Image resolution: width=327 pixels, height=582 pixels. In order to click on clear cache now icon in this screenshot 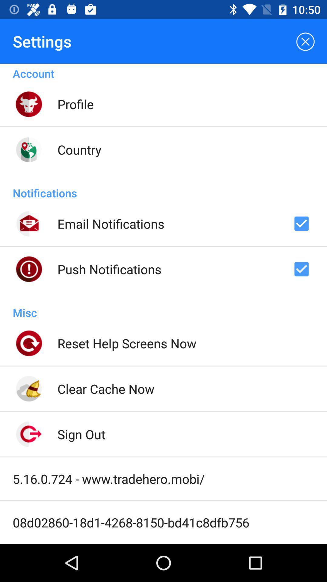, I will do `click(105, 389)`.